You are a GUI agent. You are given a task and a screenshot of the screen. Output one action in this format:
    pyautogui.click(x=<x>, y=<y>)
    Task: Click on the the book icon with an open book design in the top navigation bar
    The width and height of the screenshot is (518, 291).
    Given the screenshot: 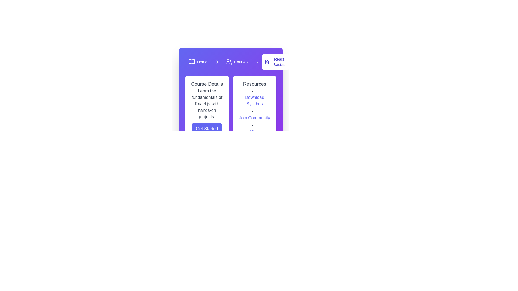 What is the action you would take?
    pyautogui.click(x=192, y=62)
    